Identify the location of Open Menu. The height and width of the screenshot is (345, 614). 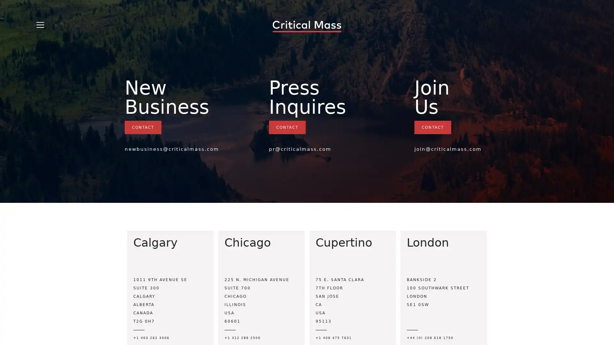
(40, 26).